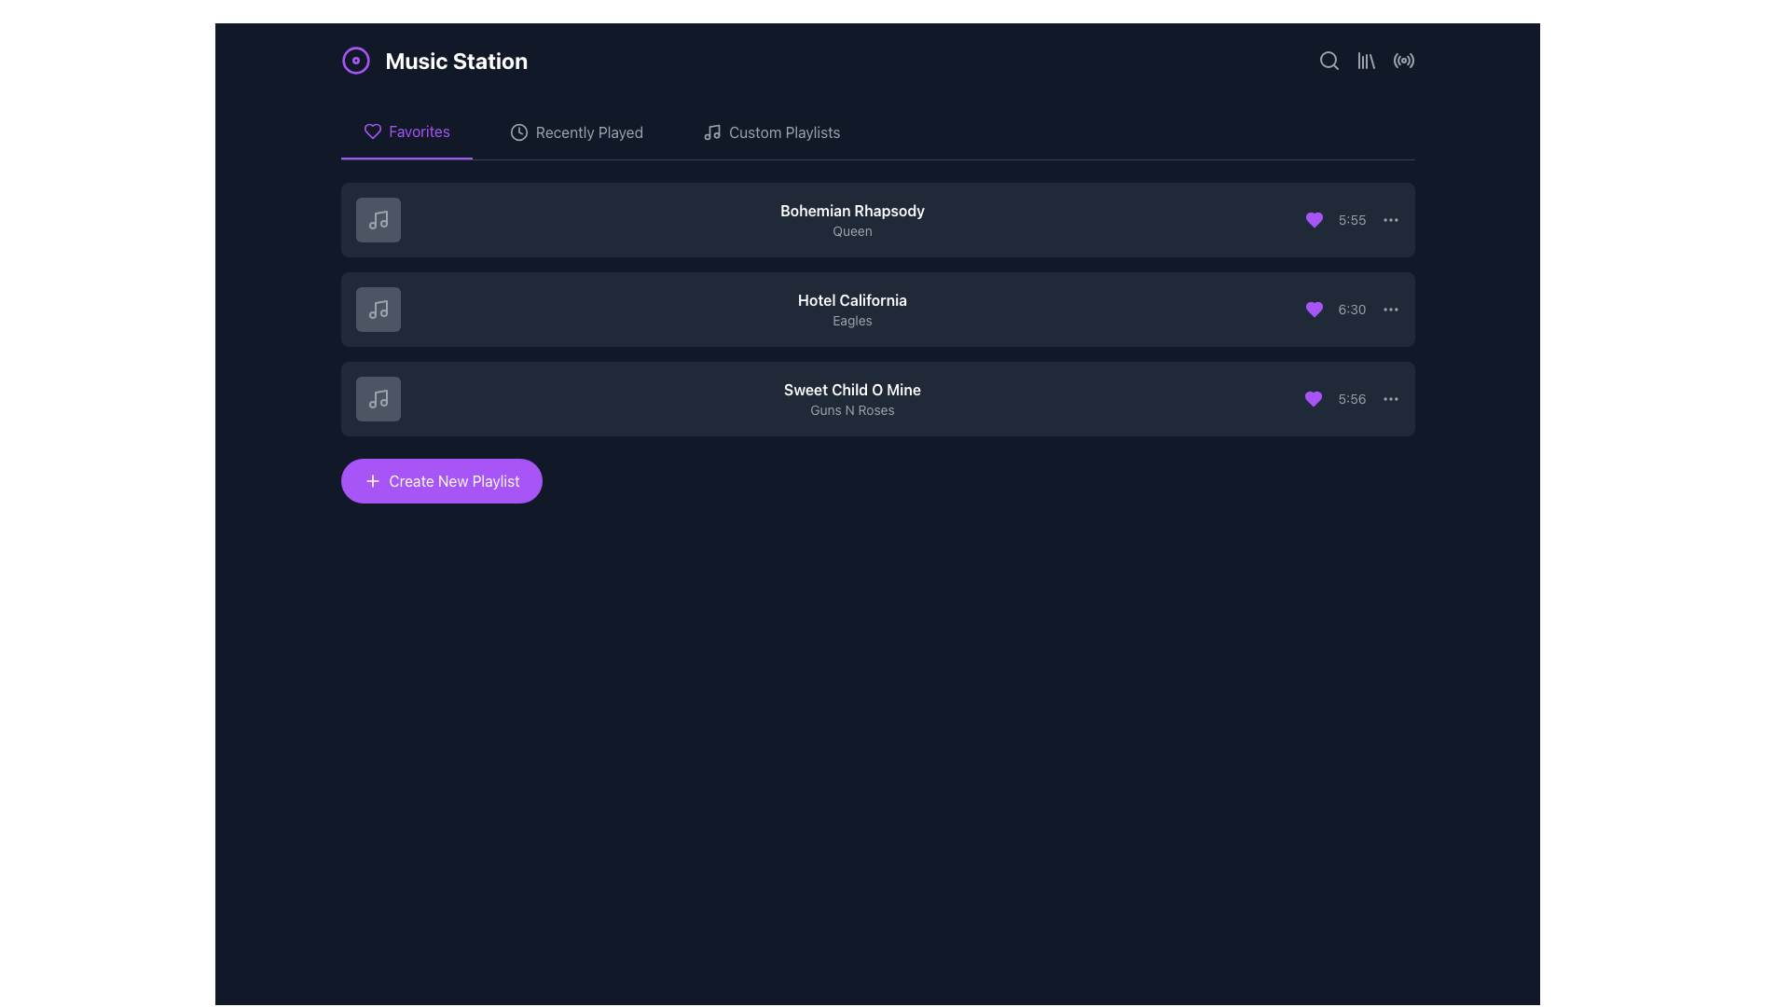 Image resolution: width=1790 pixels, height=1007 pixels. I want to click on the heart-shaped icon representing 'favorites' located to the left of the 'Favorites' text label in the navigation menu, so click(372, 131).